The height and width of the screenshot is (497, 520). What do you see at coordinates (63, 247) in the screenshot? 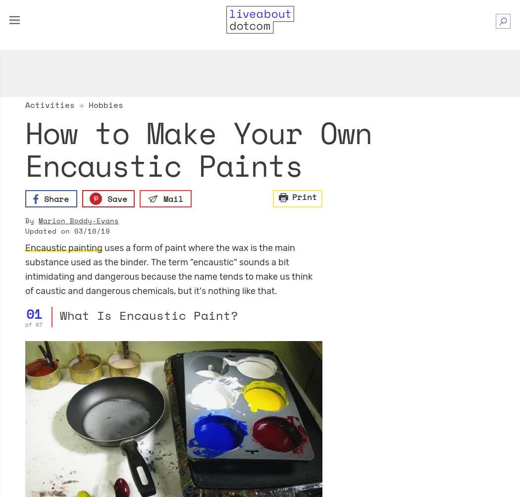
I see `'Encaustic painting'` at bounding box center [63, 247].